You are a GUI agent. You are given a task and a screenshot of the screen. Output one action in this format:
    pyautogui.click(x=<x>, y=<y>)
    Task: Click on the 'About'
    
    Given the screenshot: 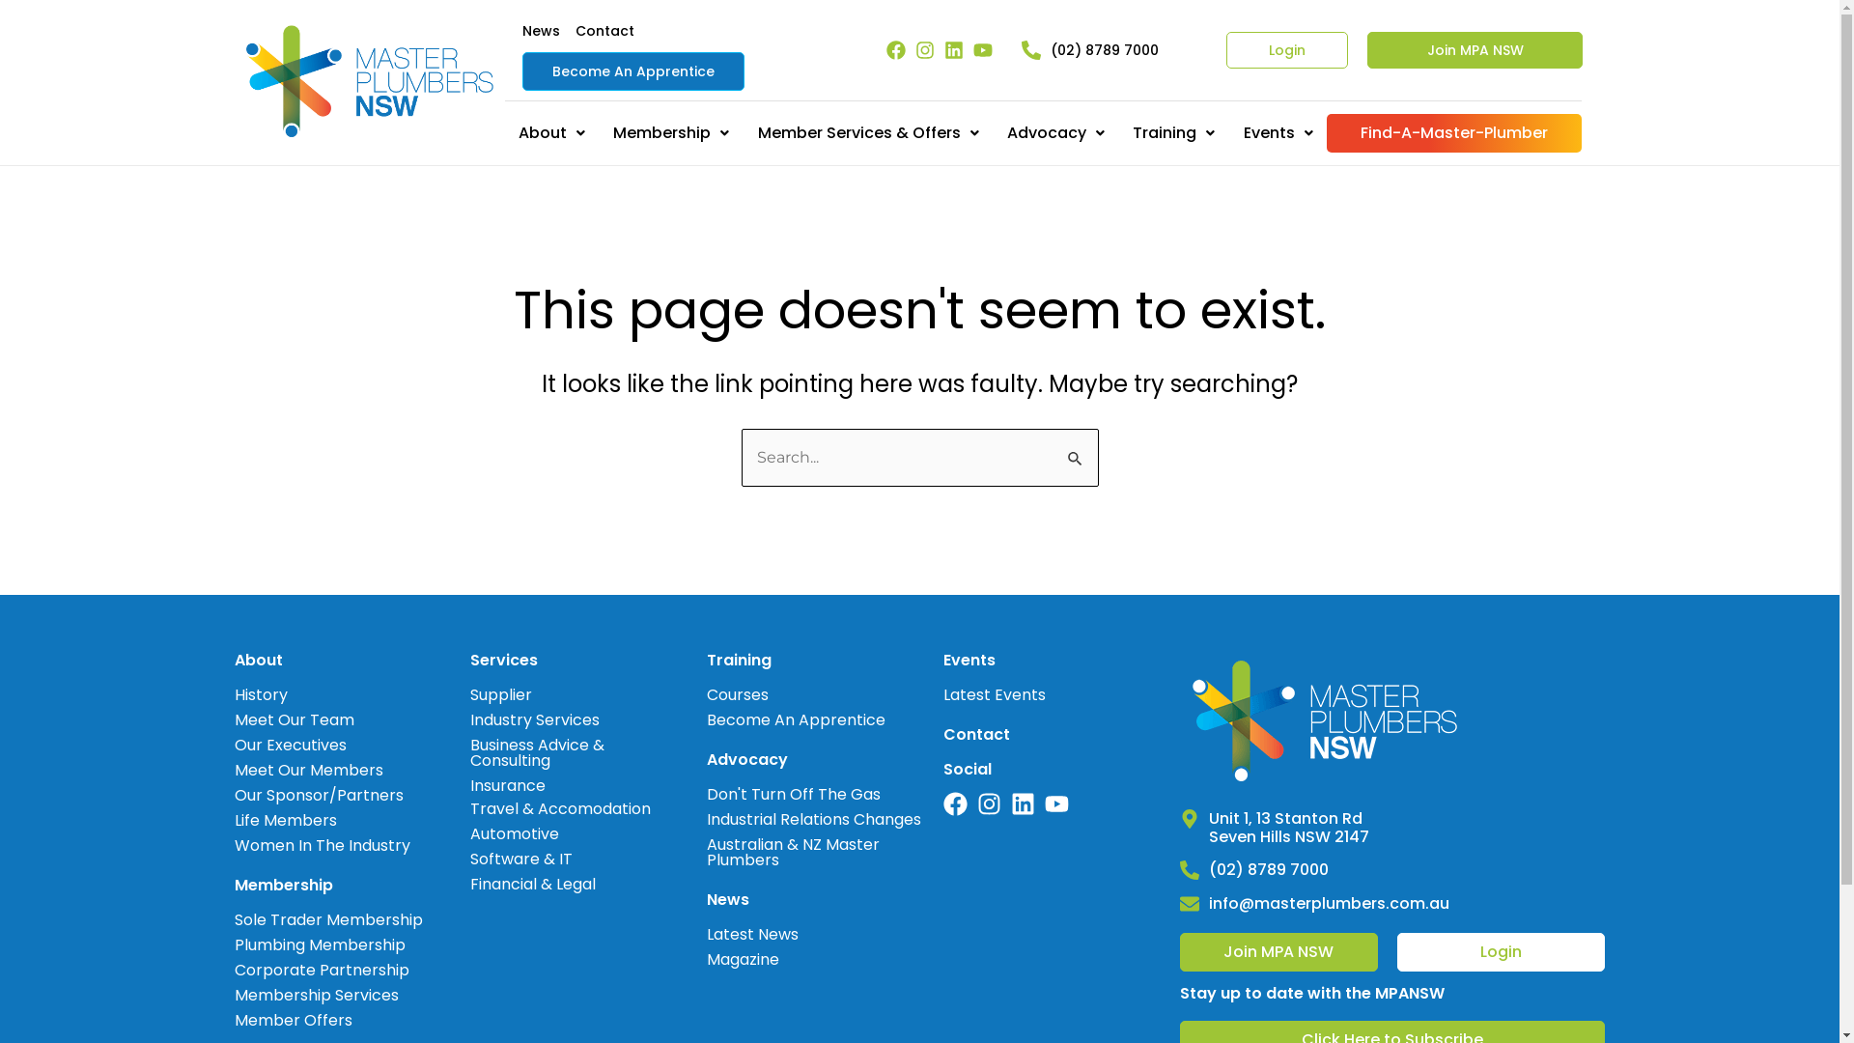 What is the action you would take?
    pyautogui.click(x=232, y=659)
    